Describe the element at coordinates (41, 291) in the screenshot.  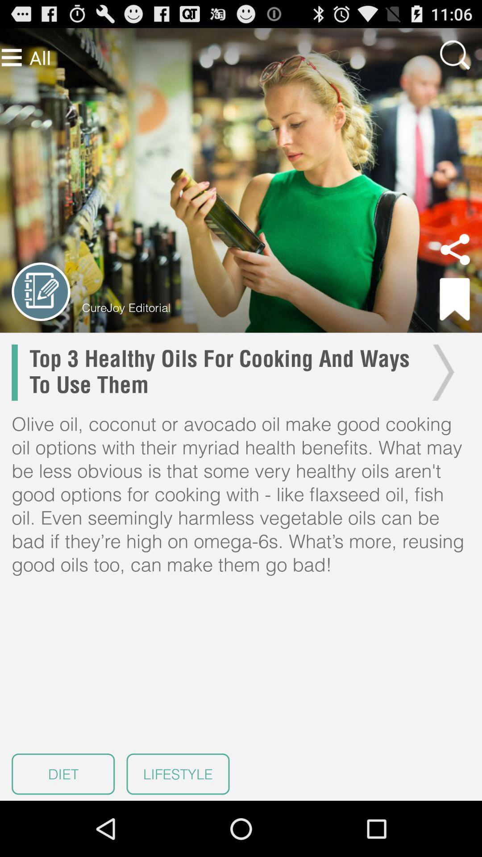
I see `edit it` at that location.